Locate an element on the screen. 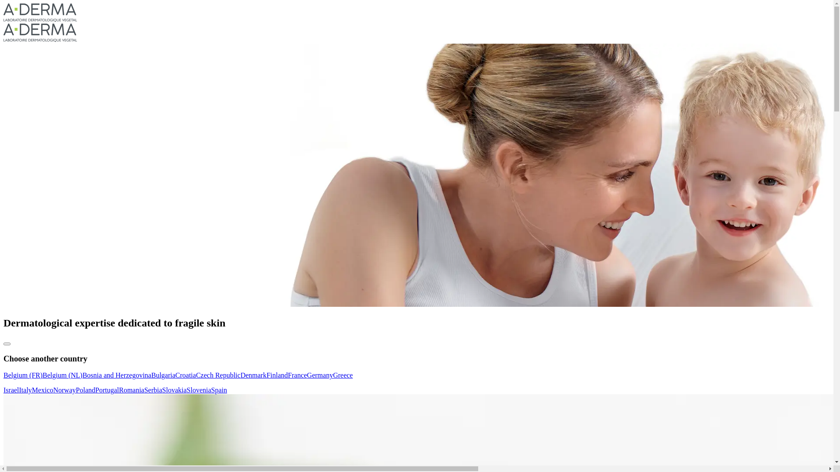  'Bulgaria' is located at coordinates (163, 375).